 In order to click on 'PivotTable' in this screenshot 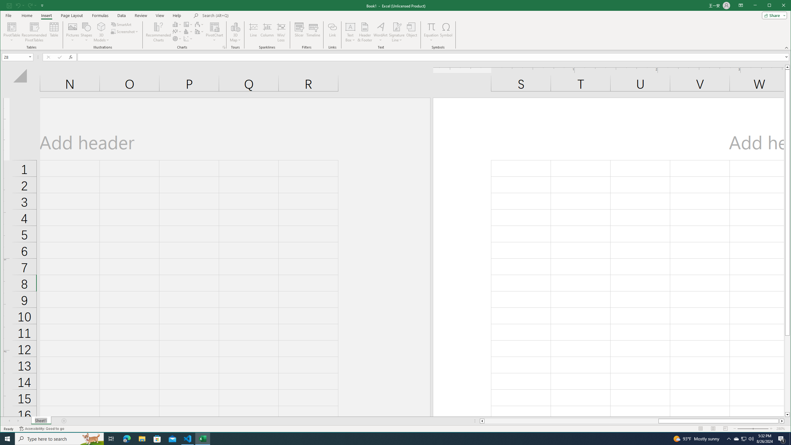, I will do `click(12, 26)`.